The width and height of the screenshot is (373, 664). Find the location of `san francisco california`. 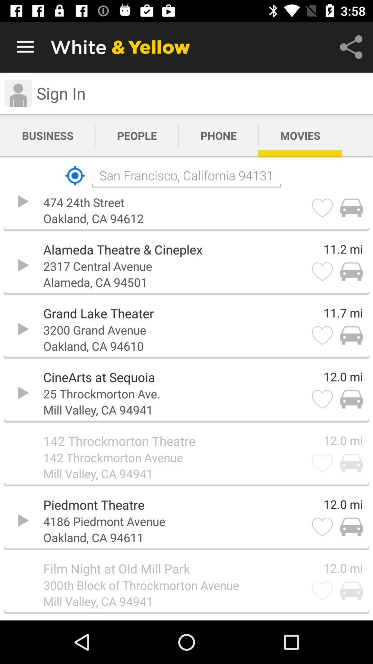

san francisco california is located at coordinates (186, 176).